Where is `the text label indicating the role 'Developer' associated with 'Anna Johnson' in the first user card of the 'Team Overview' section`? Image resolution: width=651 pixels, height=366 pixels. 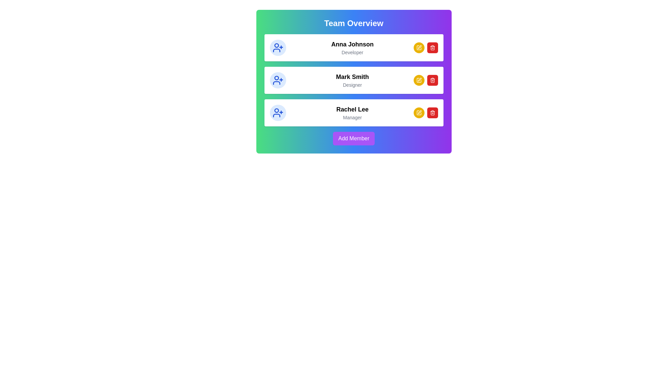
the text label indicating the role 'Developer' associated with 'Anna Johnson' in the first user card of the 'Team Overview' section is located at coordinates (352, 52).